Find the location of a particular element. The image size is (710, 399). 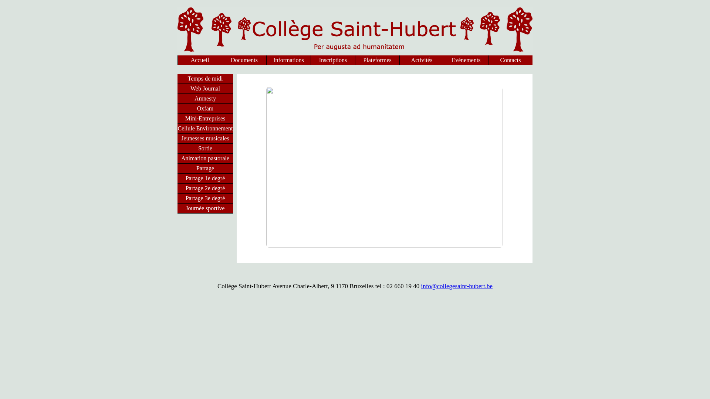

'Cellule Environnement' is located at coordinates (205, 128).